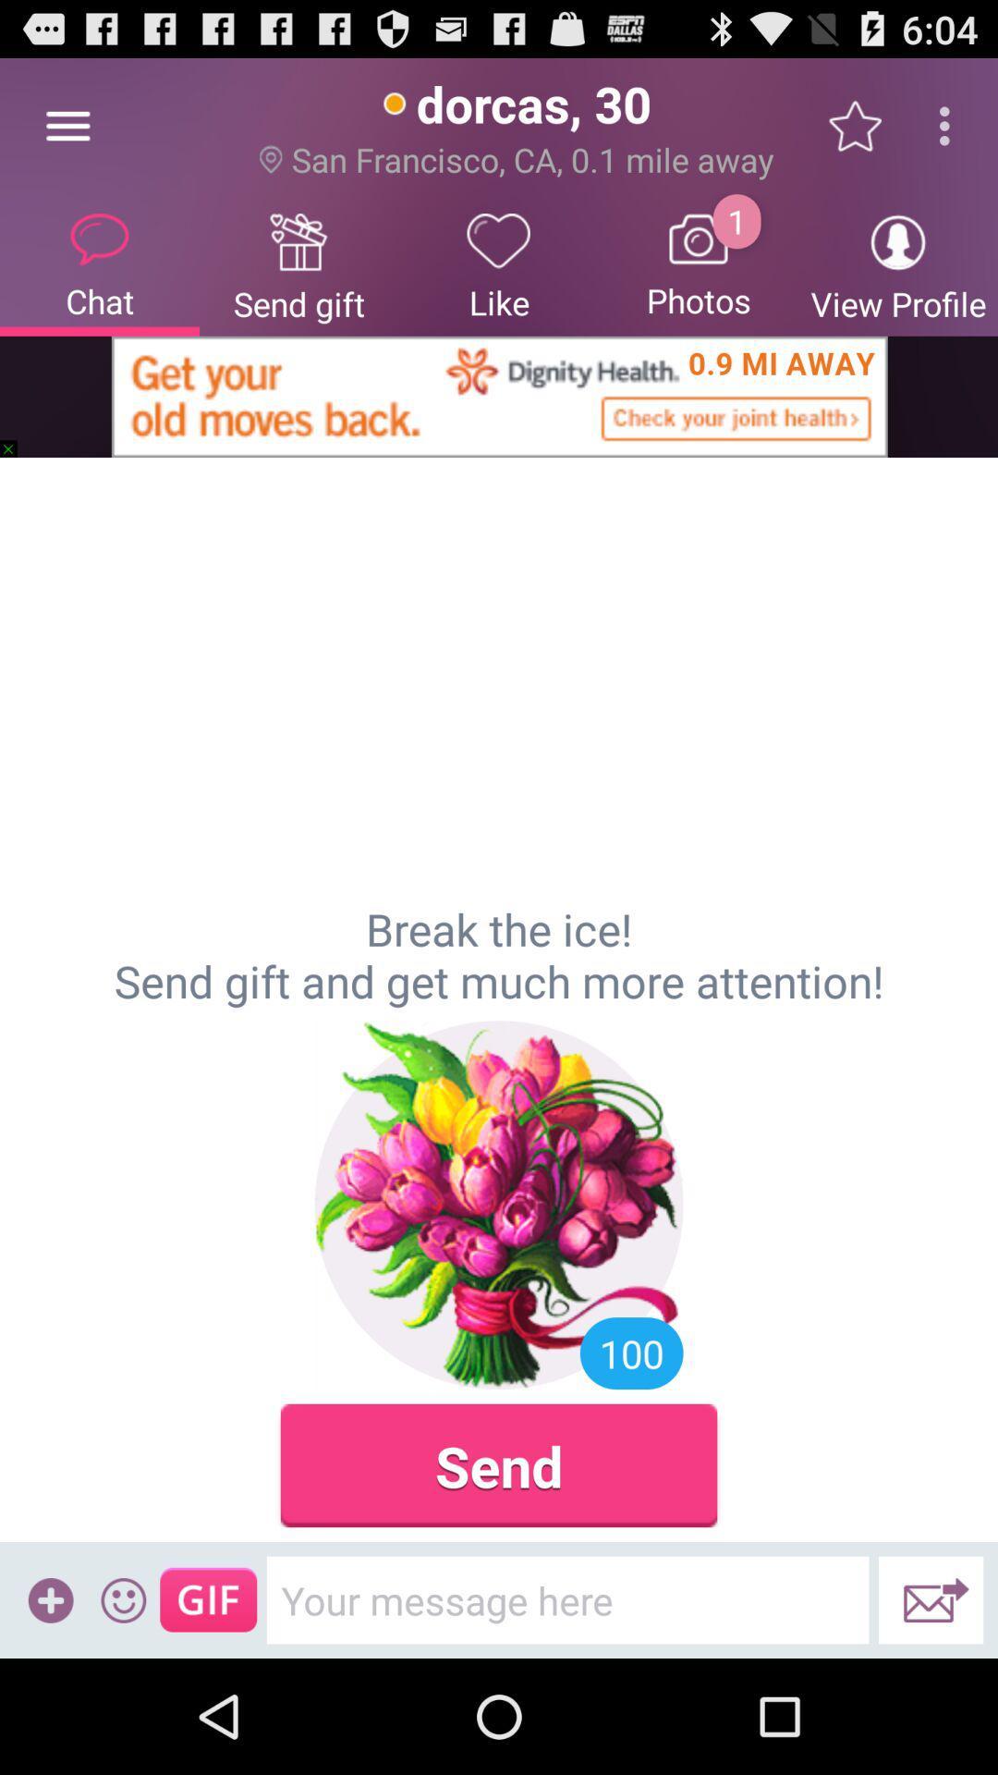 Image resolution: width=998 pixels, height=1775 pixels. I want to click on item below the chat item, so click(499, 396).